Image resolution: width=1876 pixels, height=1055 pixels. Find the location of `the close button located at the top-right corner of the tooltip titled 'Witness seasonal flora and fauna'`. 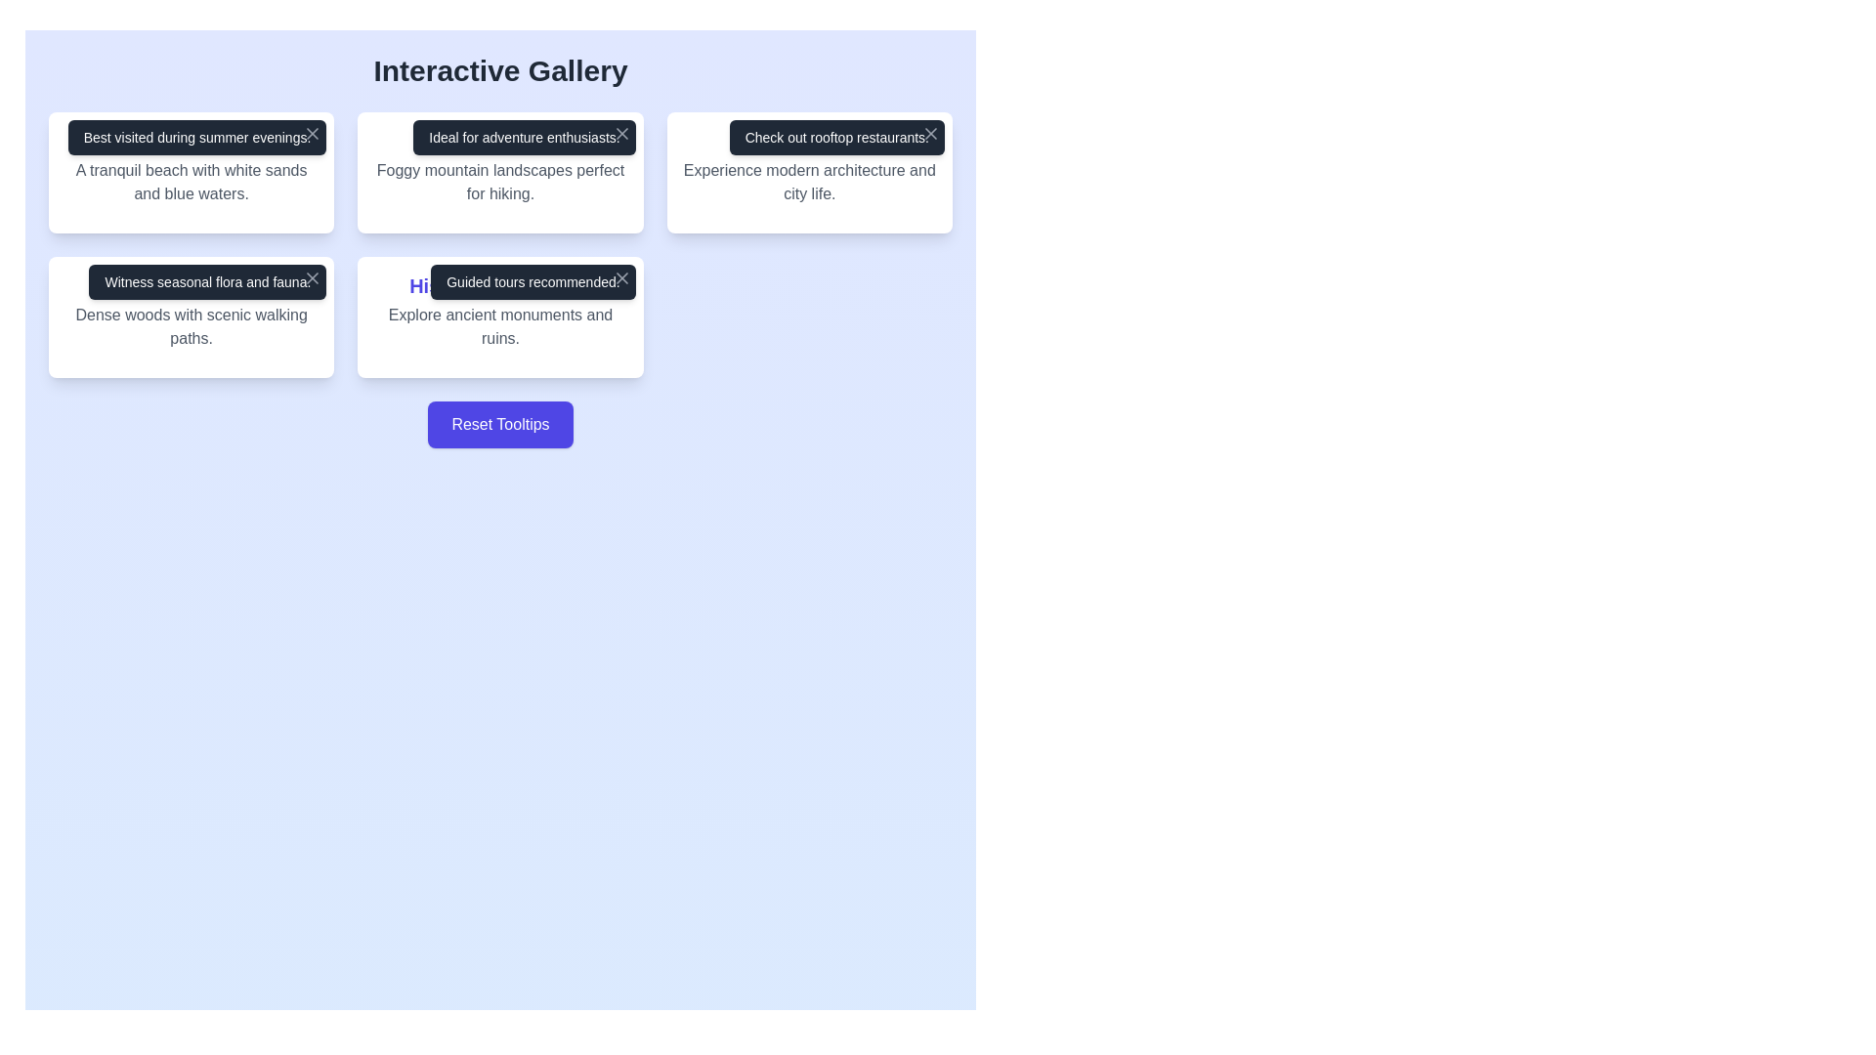

the close button located at the top-right corner of the tooltip titled 'Witness seasonal flora and fauna' is located at coordinates (313, 278).